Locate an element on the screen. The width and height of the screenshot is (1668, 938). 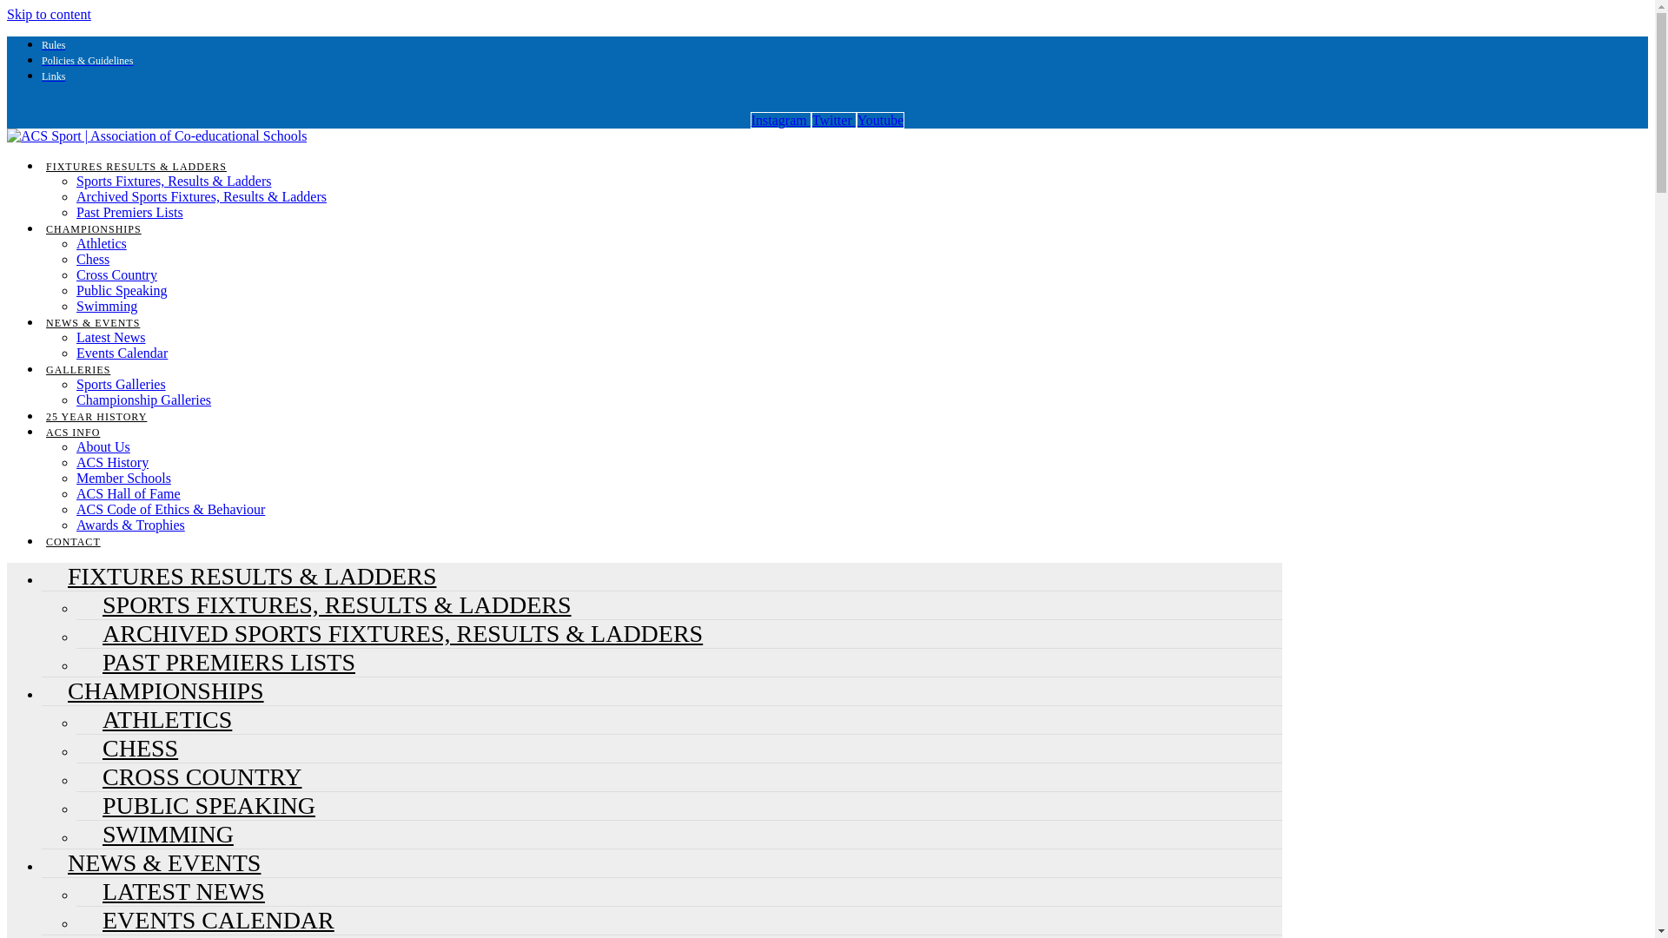
'Twitter' is located at coordinates (811, 119).